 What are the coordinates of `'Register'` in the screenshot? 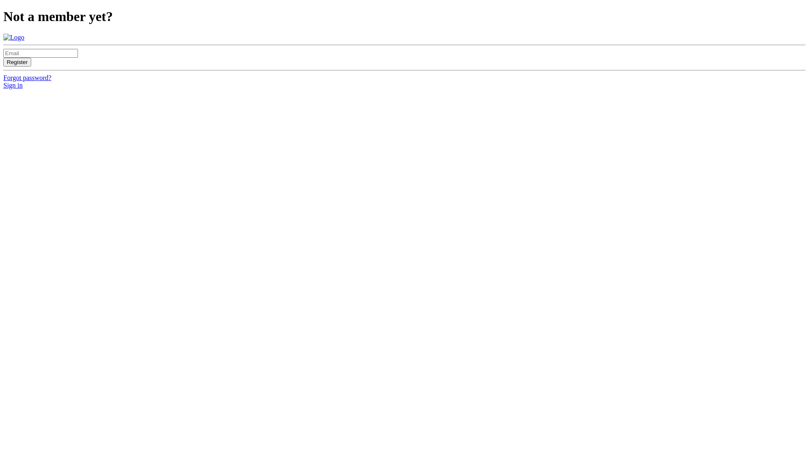 It's located at (17, 62).